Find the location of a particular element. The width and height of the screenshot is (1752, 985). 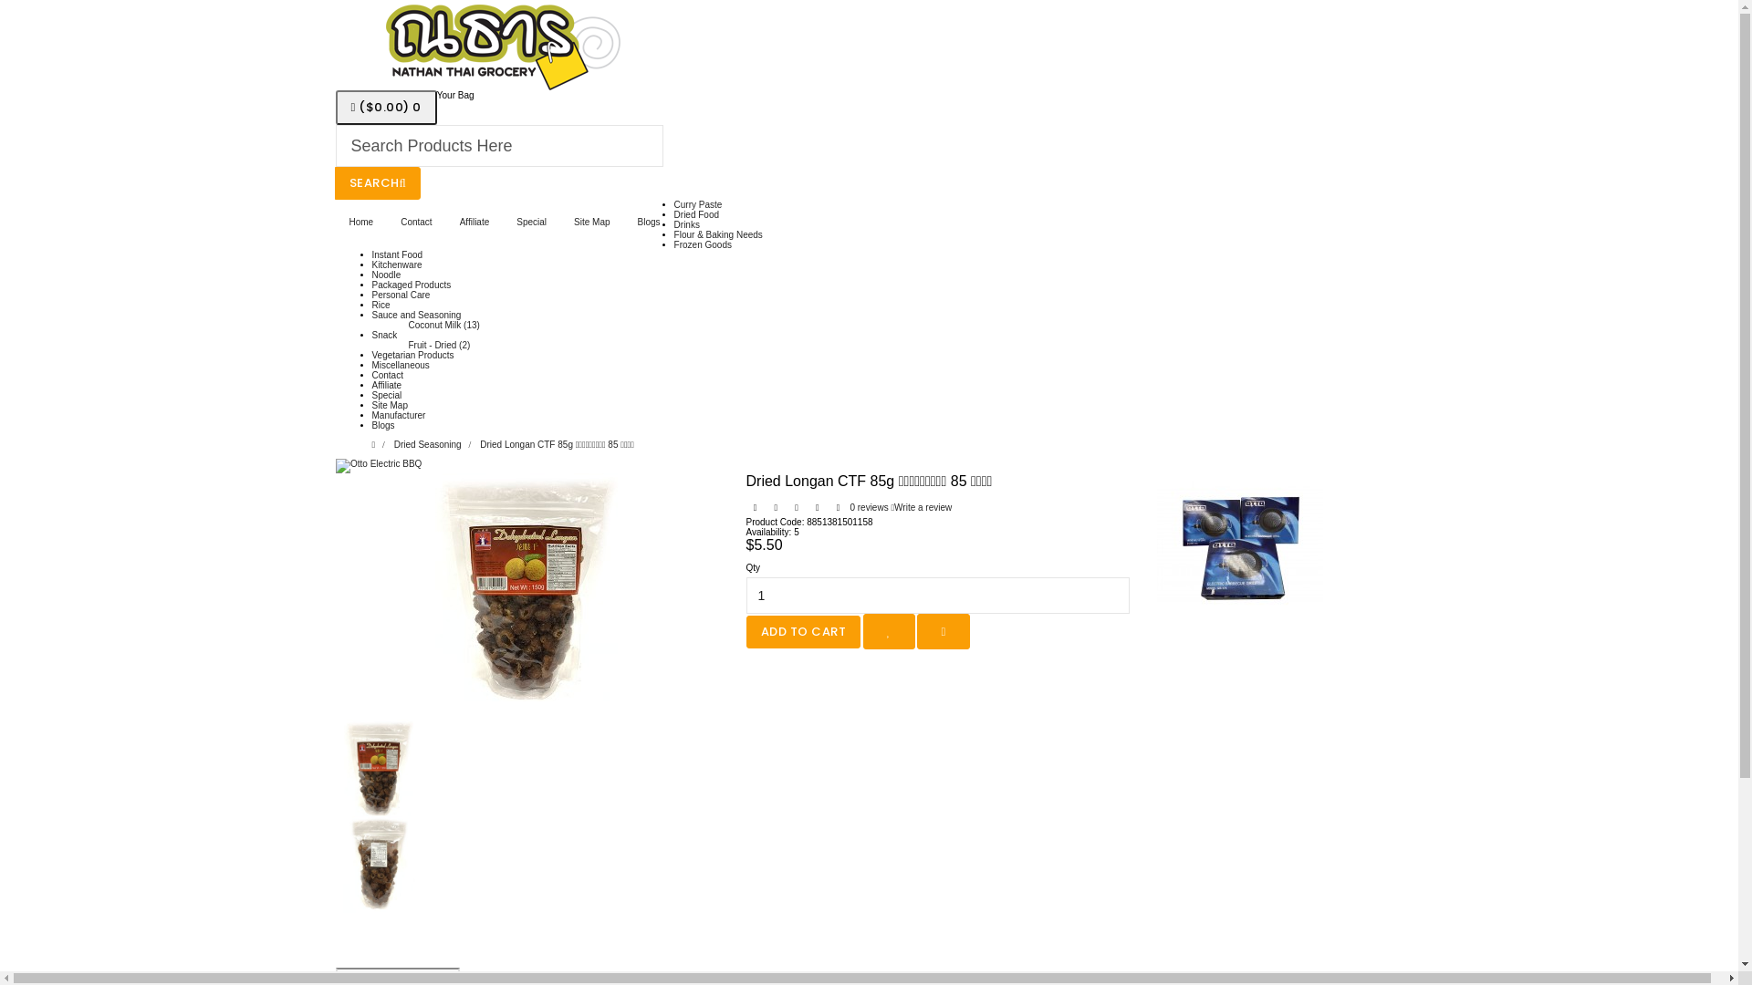

'Dried Seasoning' is located at coordinates (427, 444).